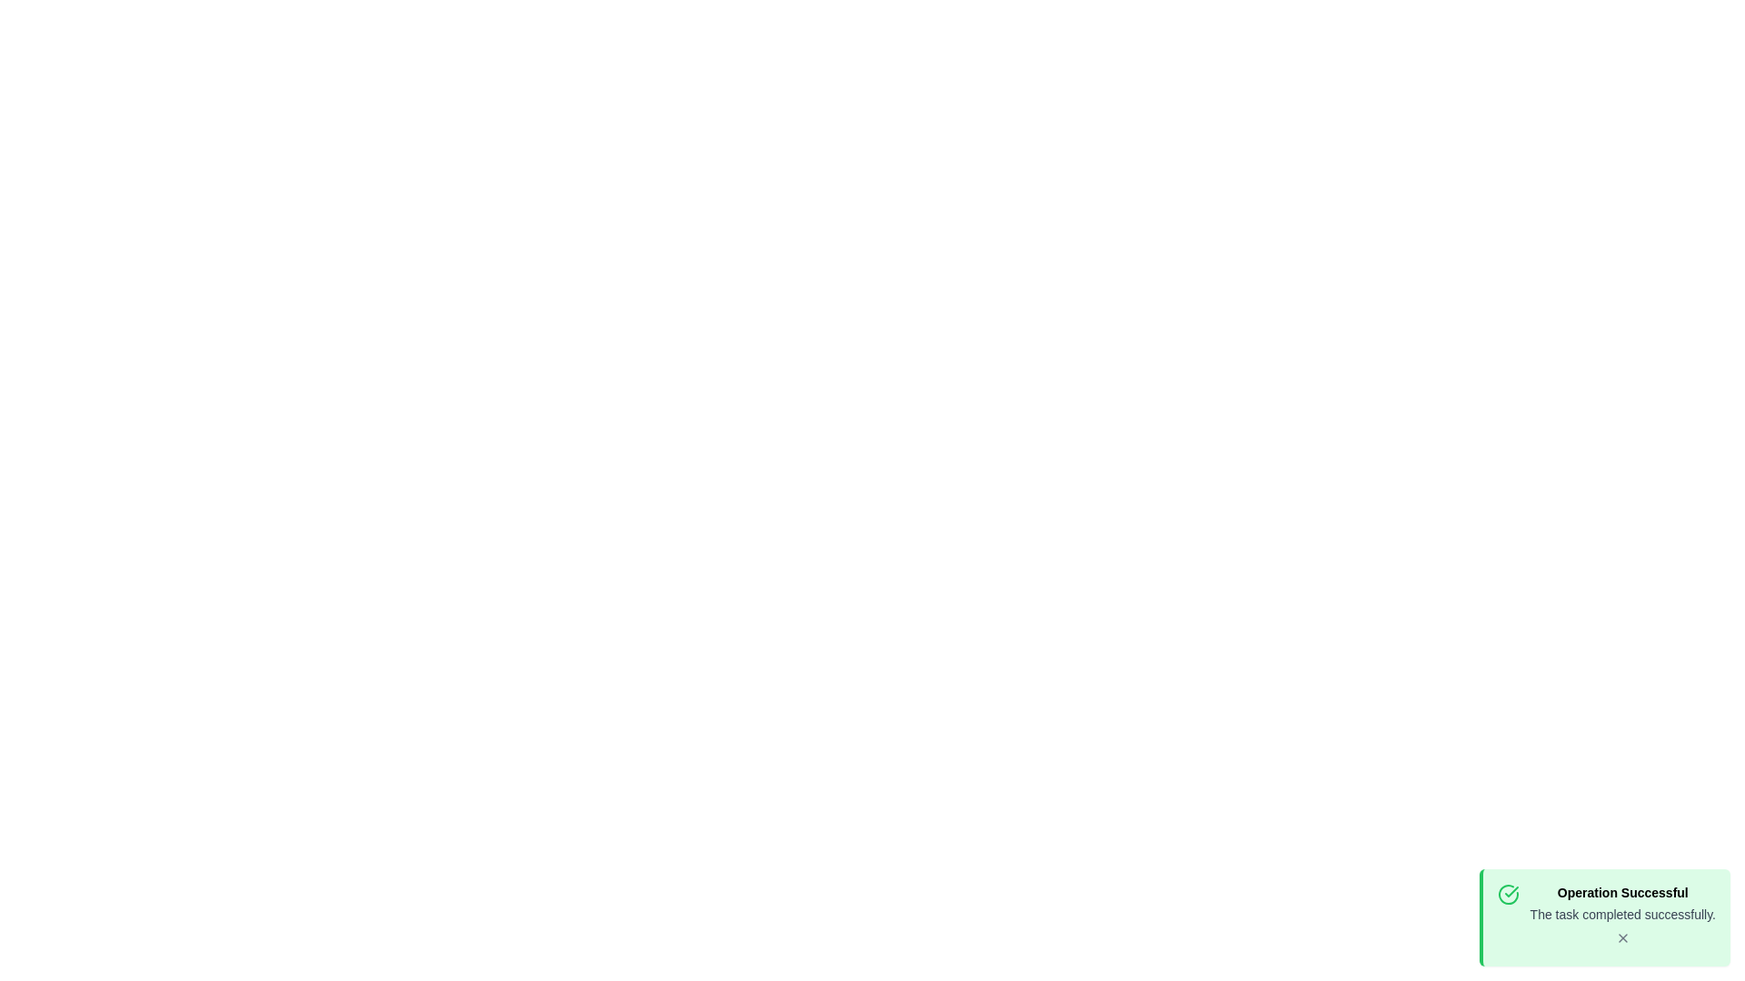  Describe the element at coordinates (1622, 938) in the screenshot. I see `the close button of the notification to dismiss it` at that location.